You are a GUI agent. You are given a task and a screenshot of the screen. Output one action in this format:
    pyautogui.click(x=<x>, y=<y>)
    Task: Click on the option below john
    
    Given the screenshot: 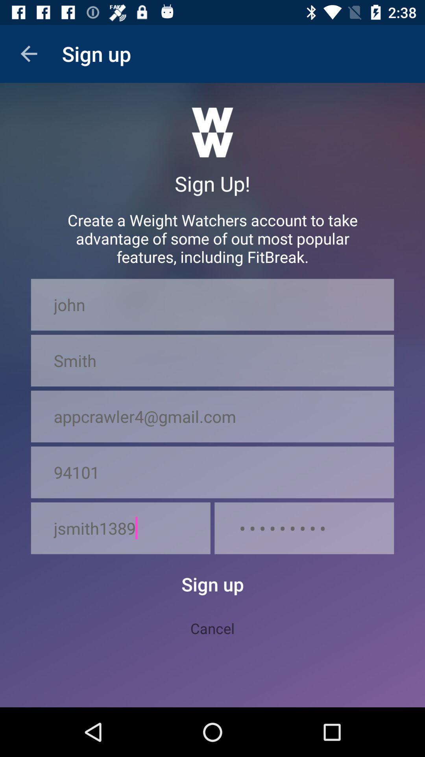 What is the action you would take?
    pyautogui.click(x=213, y=360)
    